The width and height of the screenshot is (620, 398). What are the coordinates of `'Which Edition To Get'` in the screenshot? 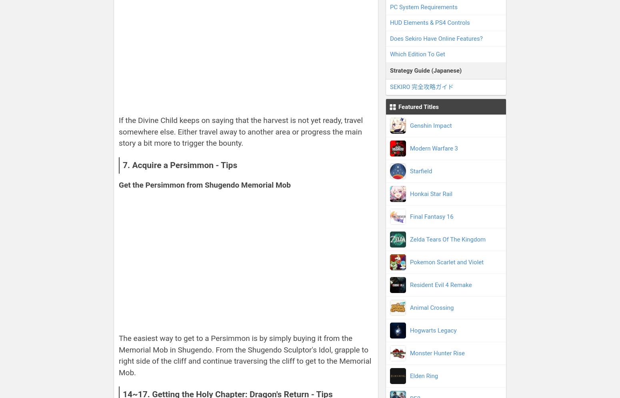 It's located at (389, 54).